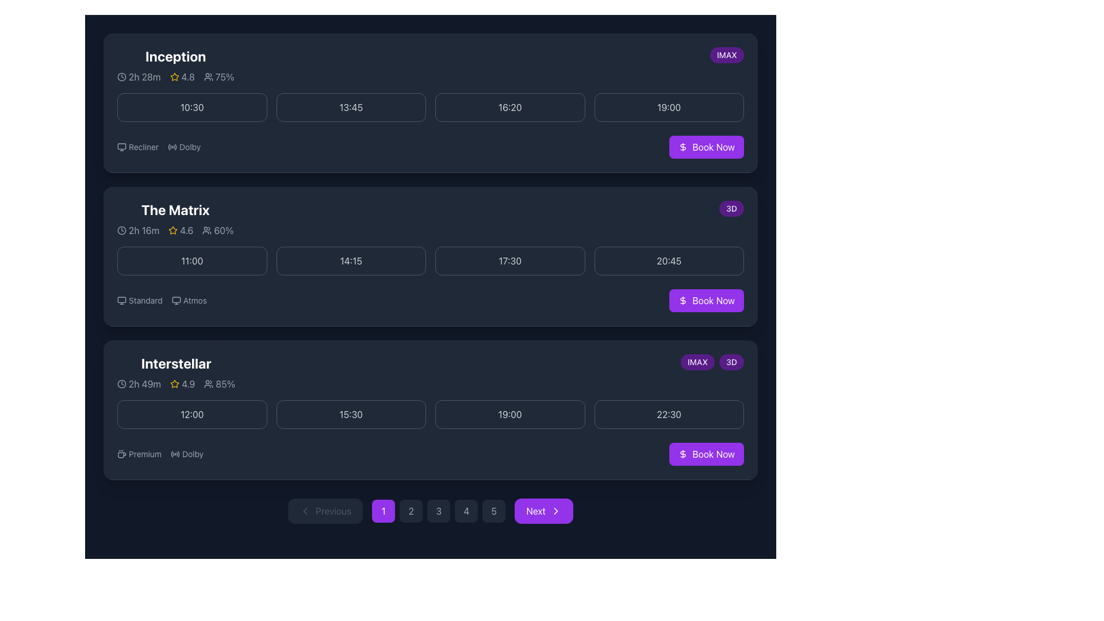 Image resolution: width=1104 pixels, height=621 pixels. Describe the element at coordinates (683, 300) in the screenshot. I see `the dollar sign icon with a purple background located to the left of the 'Book Now' text` at that location.